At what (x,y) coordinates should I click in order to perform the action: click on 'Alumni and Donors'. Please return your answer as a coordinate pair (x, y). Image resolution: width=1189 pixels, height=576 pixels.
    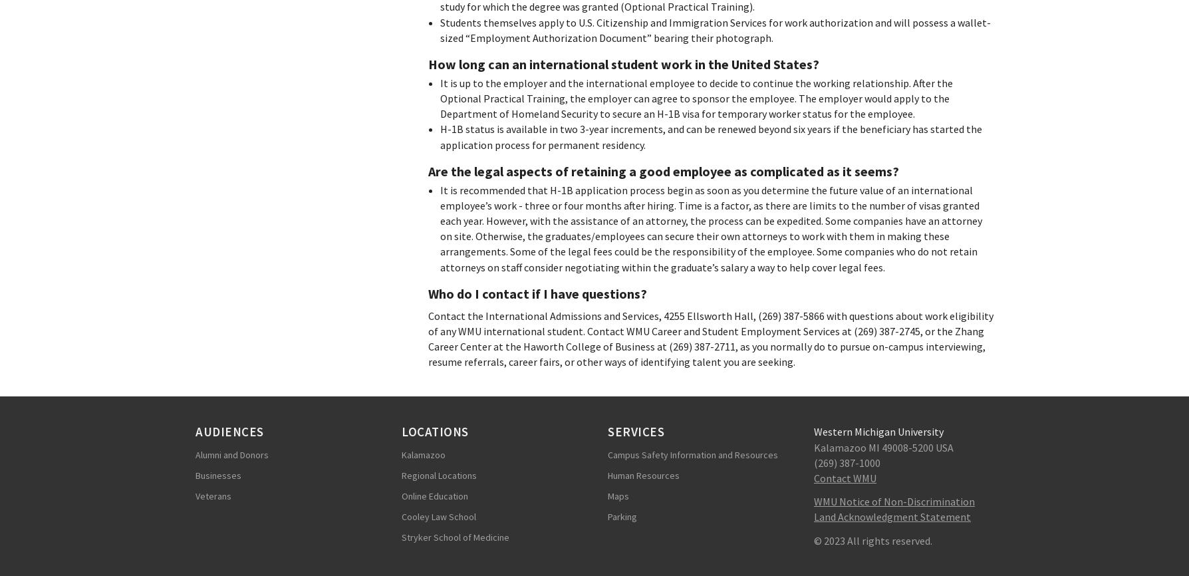
    Looking at the image, I should click on (231, 454).